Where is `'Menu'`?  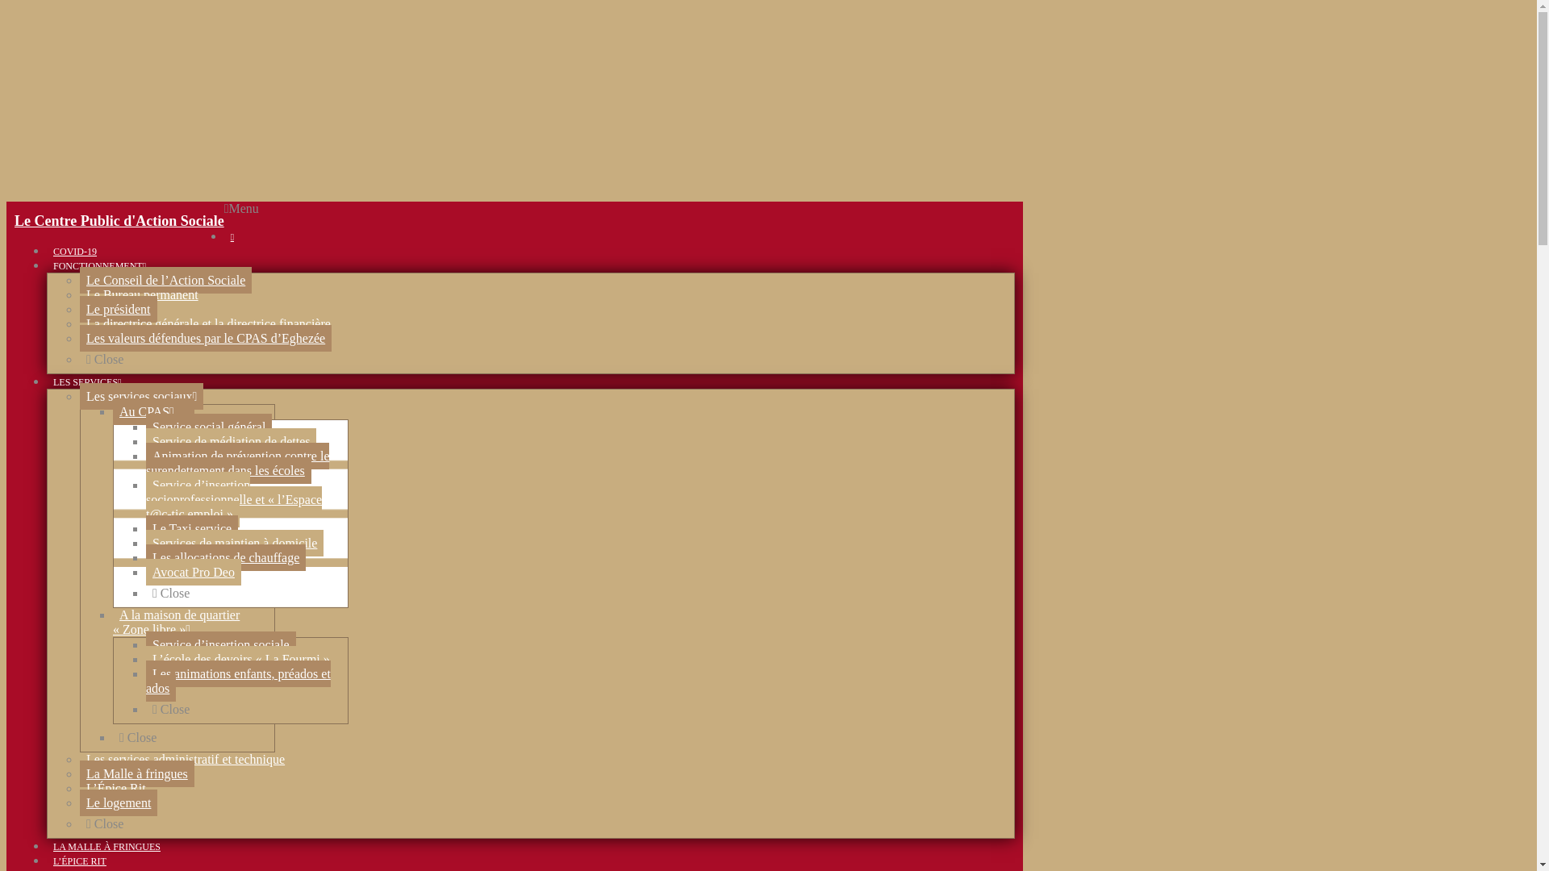
'Menu' is located at coordinates (240, 207).